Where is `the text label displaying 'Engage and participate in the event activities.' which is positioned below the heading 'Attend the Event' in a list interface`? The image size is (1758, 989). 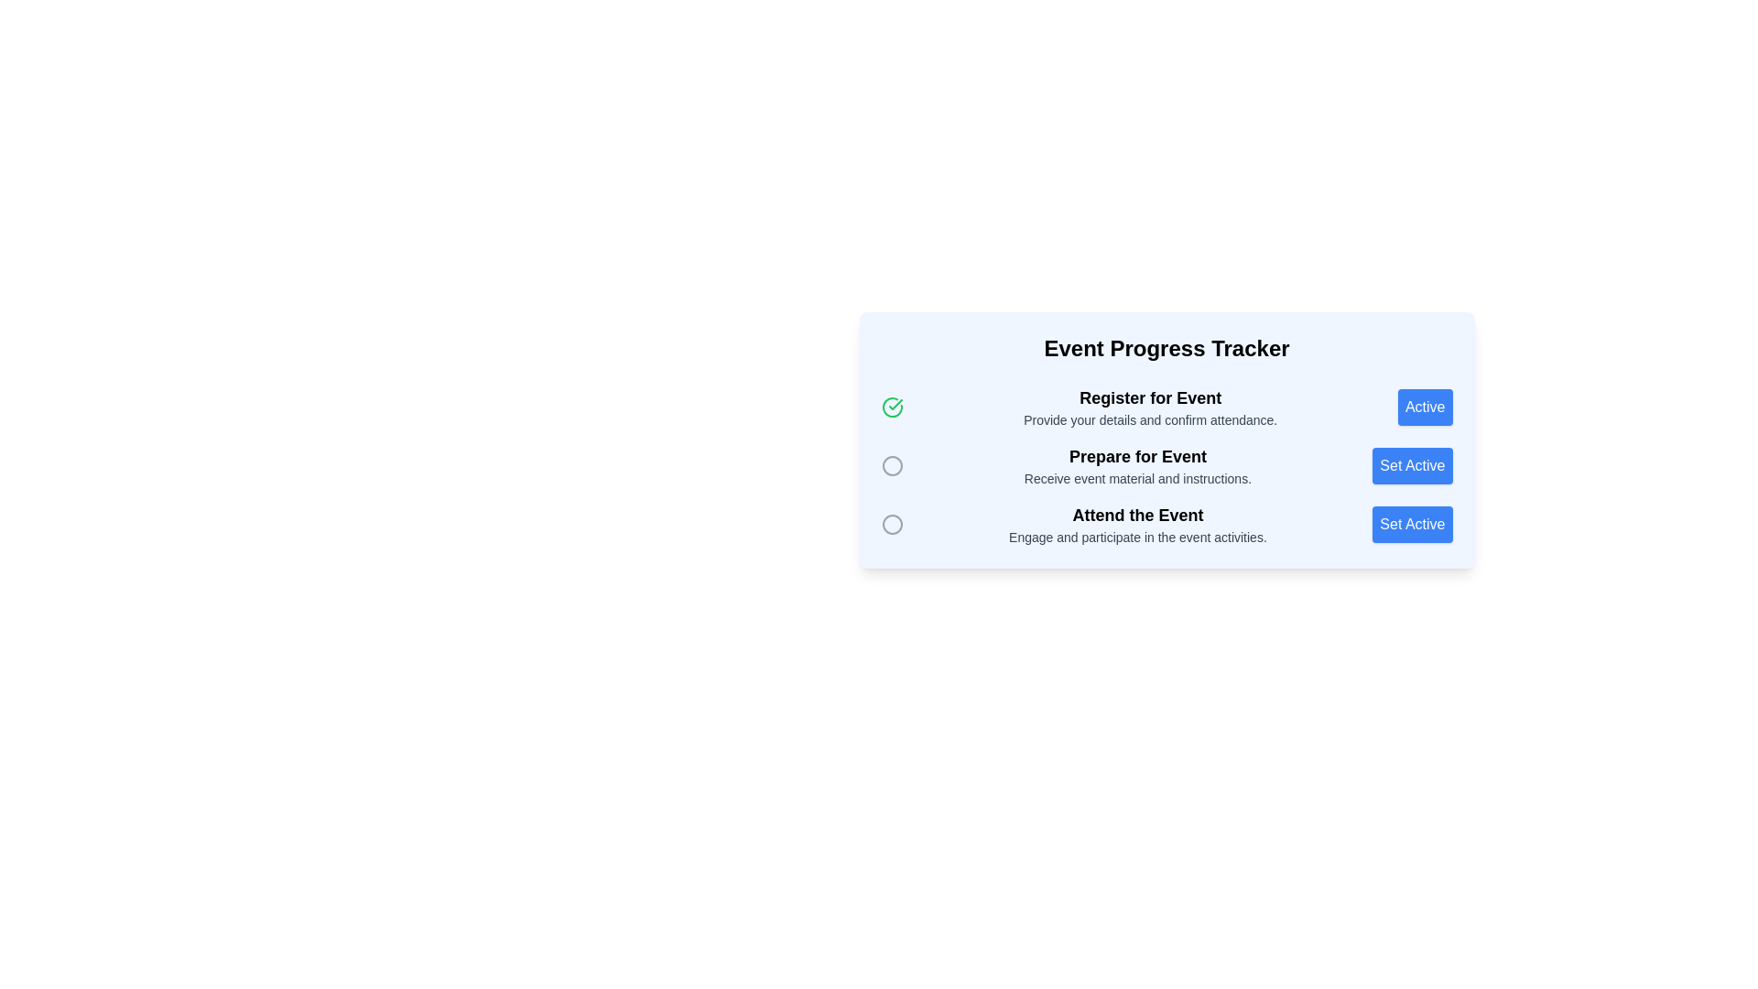
the text label displaying 'Engage and participate in the event activities.' which is positioned below the heading 'Attend the Event' in a list interface is located at coordinates (1137, 536).